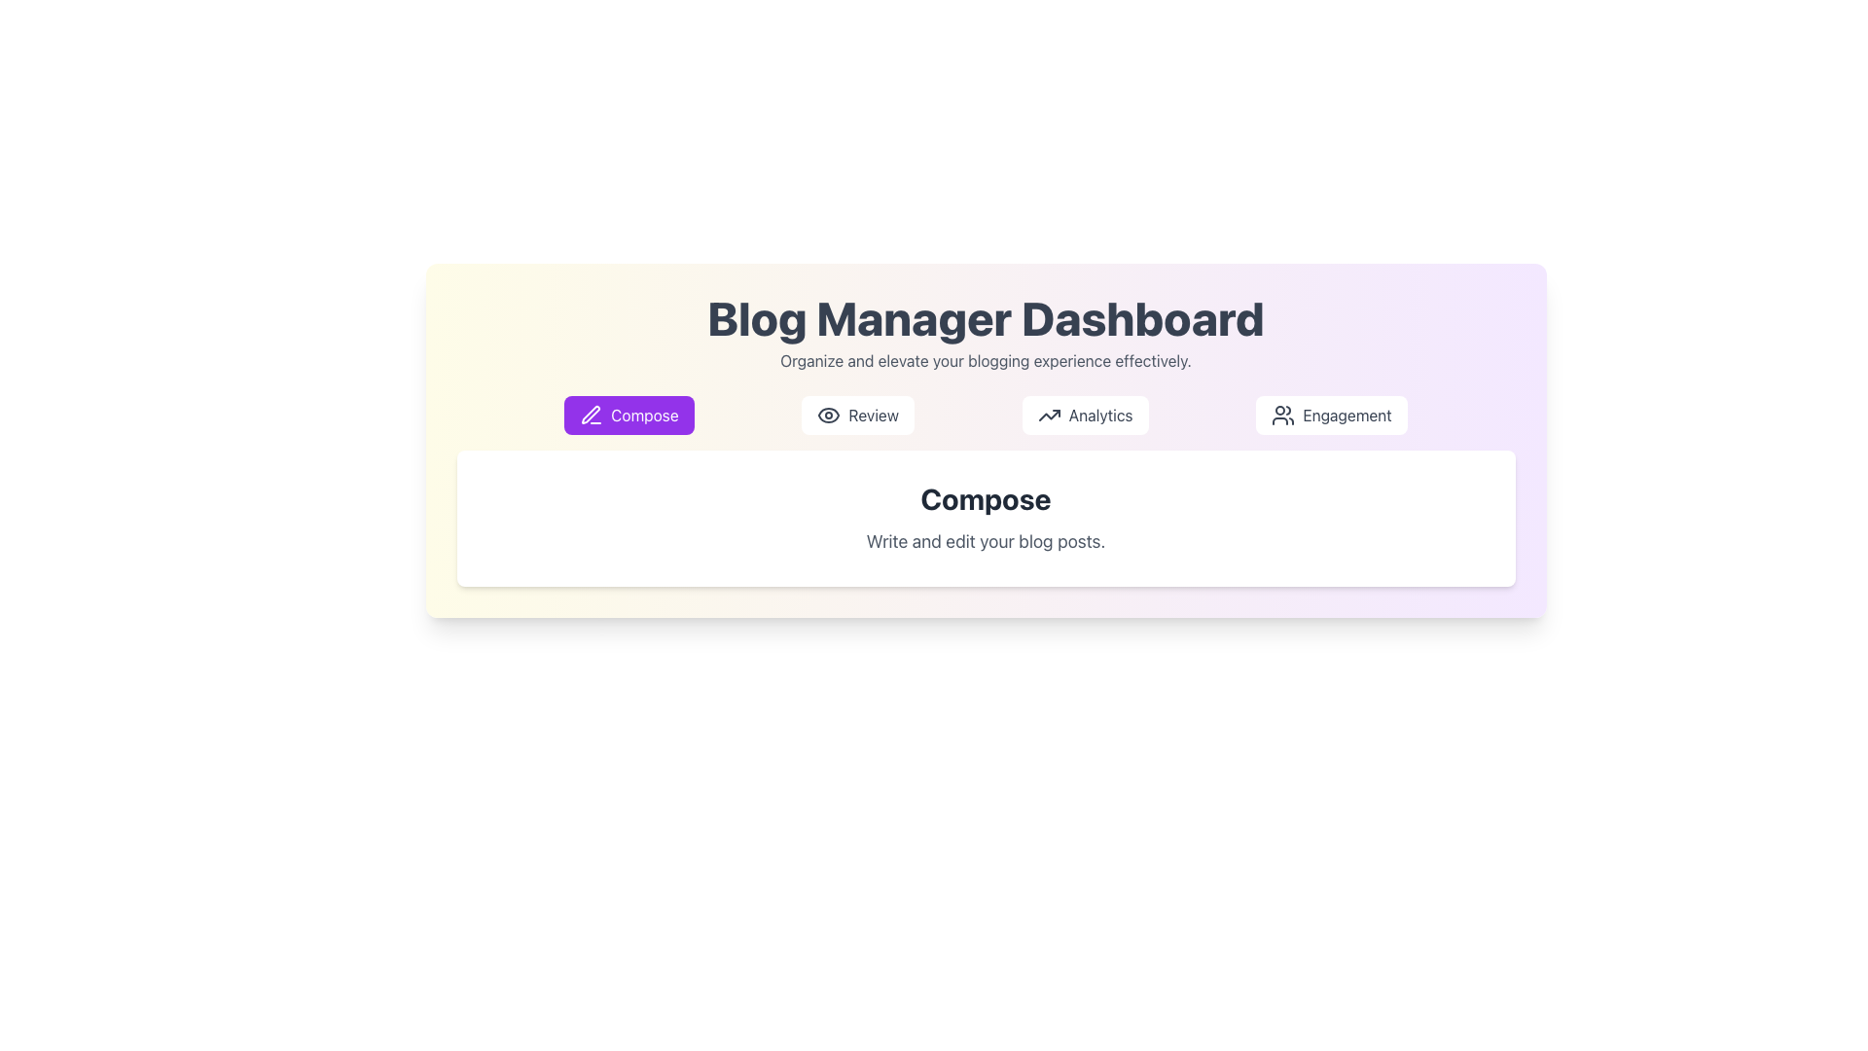  I want to click on the pen icon inside the 'Compose' button, so click(590, 414).